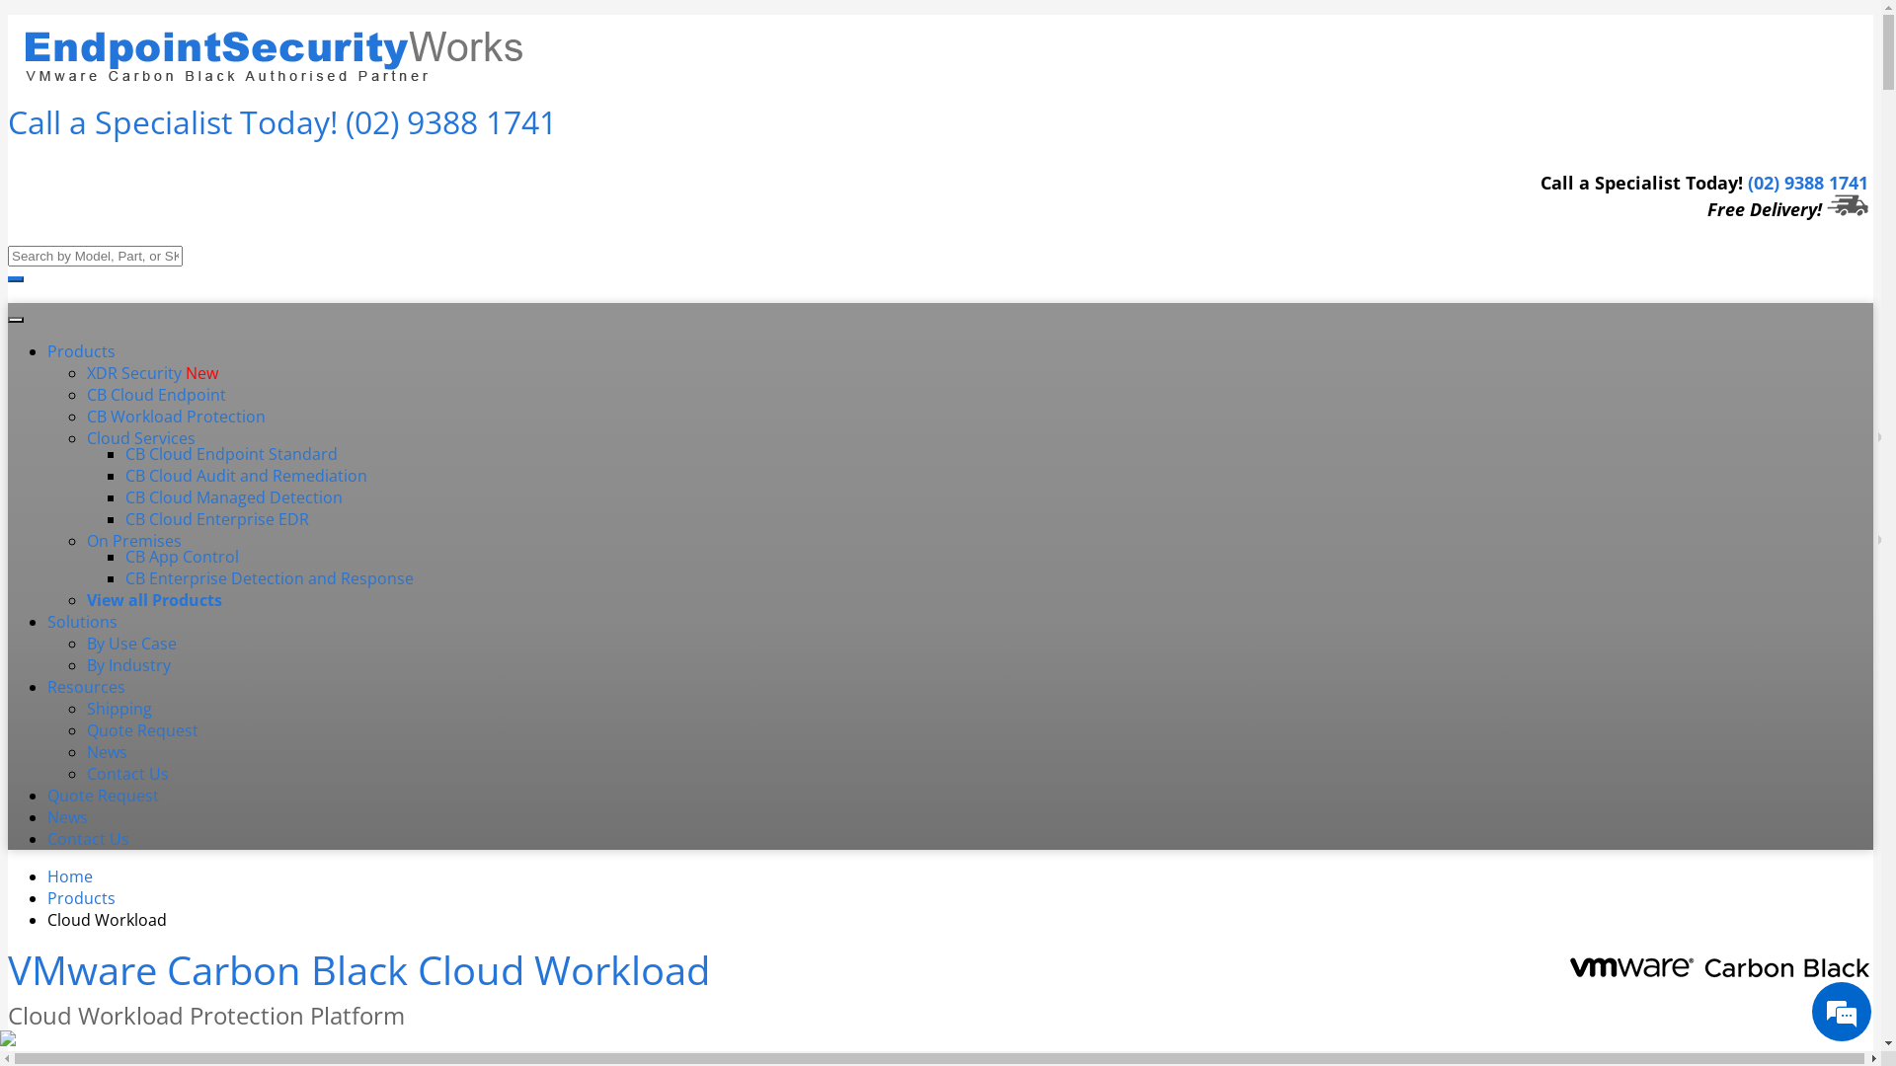 The height and width of the screenshot is (1066, 1896). I want to click on 'CB Cloud Endpoint', so click(155, 395).